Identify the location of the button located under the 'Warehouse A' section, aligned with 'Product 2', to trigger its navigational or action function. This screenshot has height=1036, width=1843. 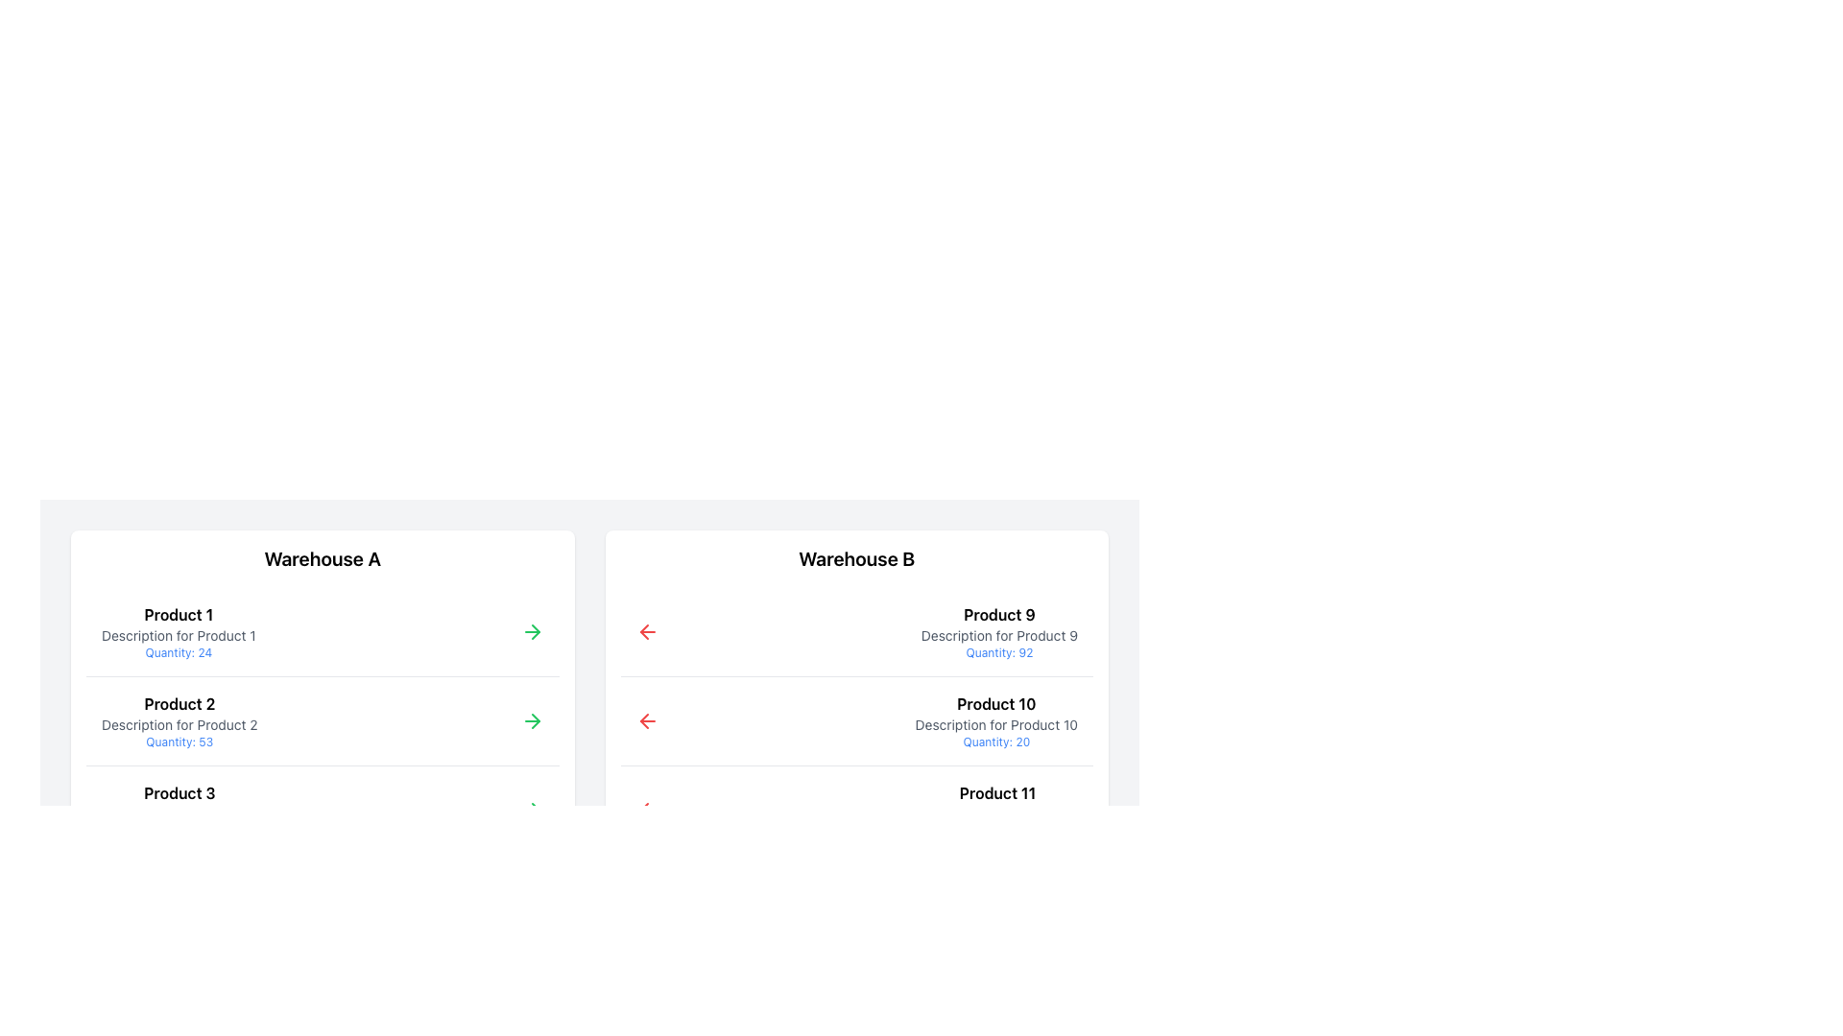
(535, 988).